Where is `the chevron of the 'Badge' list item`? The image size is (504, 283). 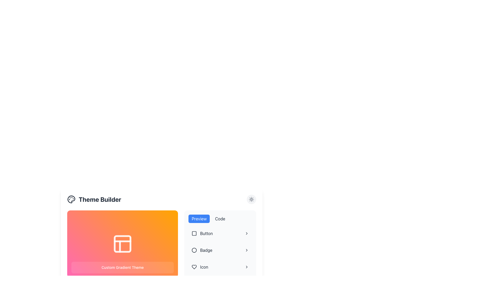 the chevron of the 'Badge' list item is located at coordinates (220, 250).